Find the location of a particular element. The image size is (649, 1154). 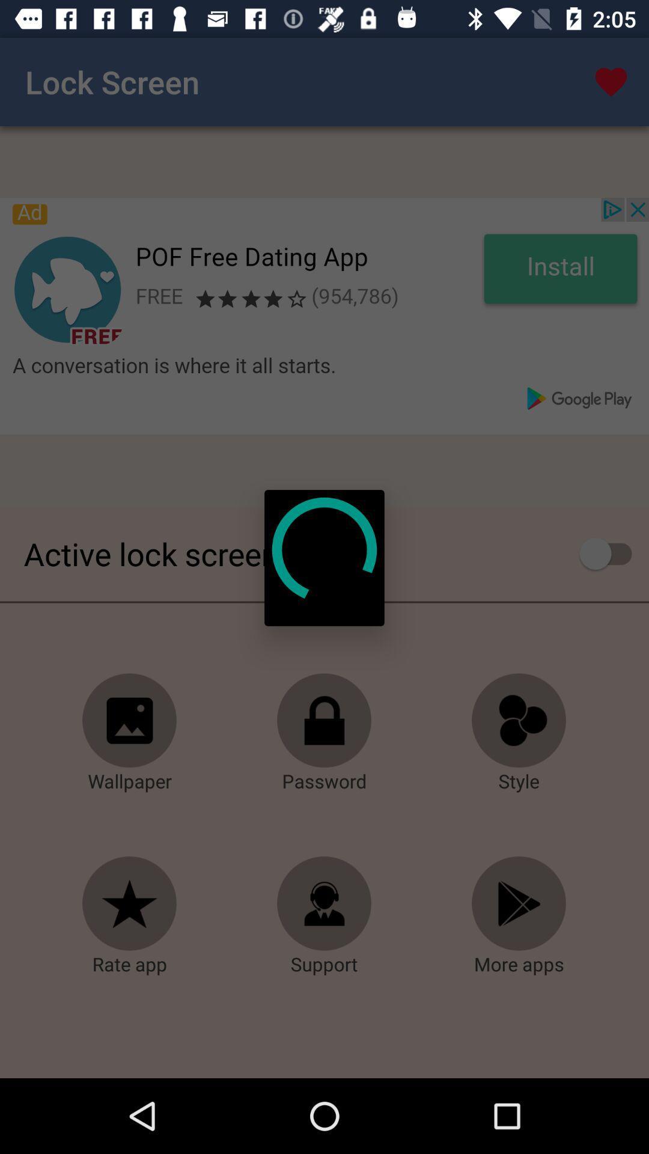

changes the style of the lock screen is located at coordinates (519, 721).